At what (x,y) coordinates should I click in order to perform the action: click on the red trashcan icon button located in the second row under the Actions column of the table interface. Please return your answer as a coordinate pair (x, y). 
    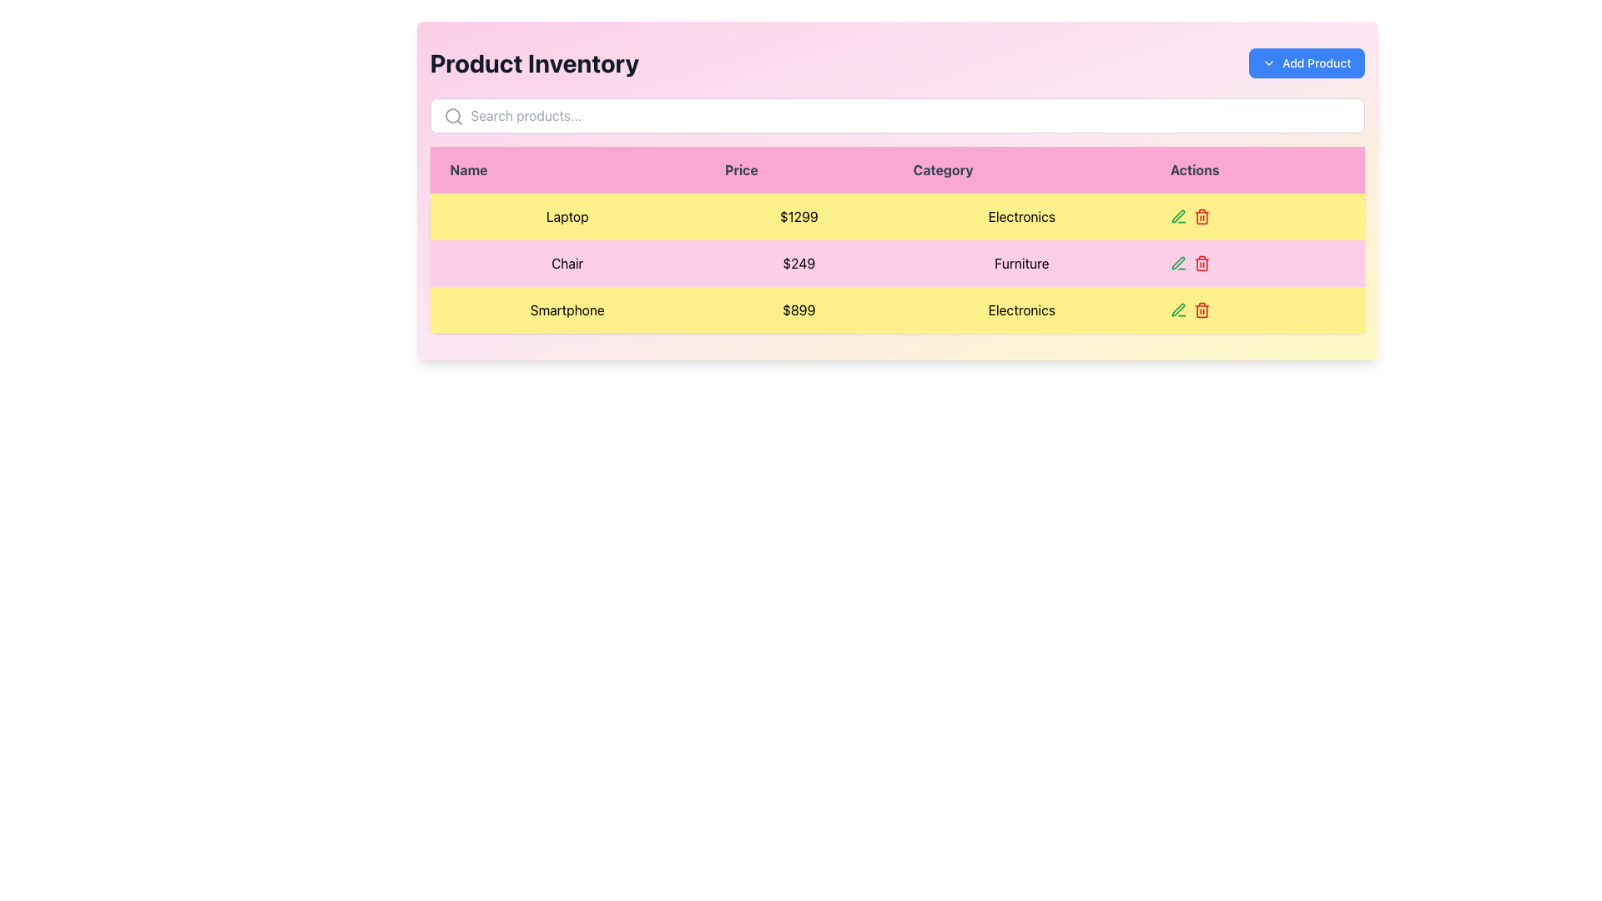
    Looking at the image, I should click on (1201, 263).